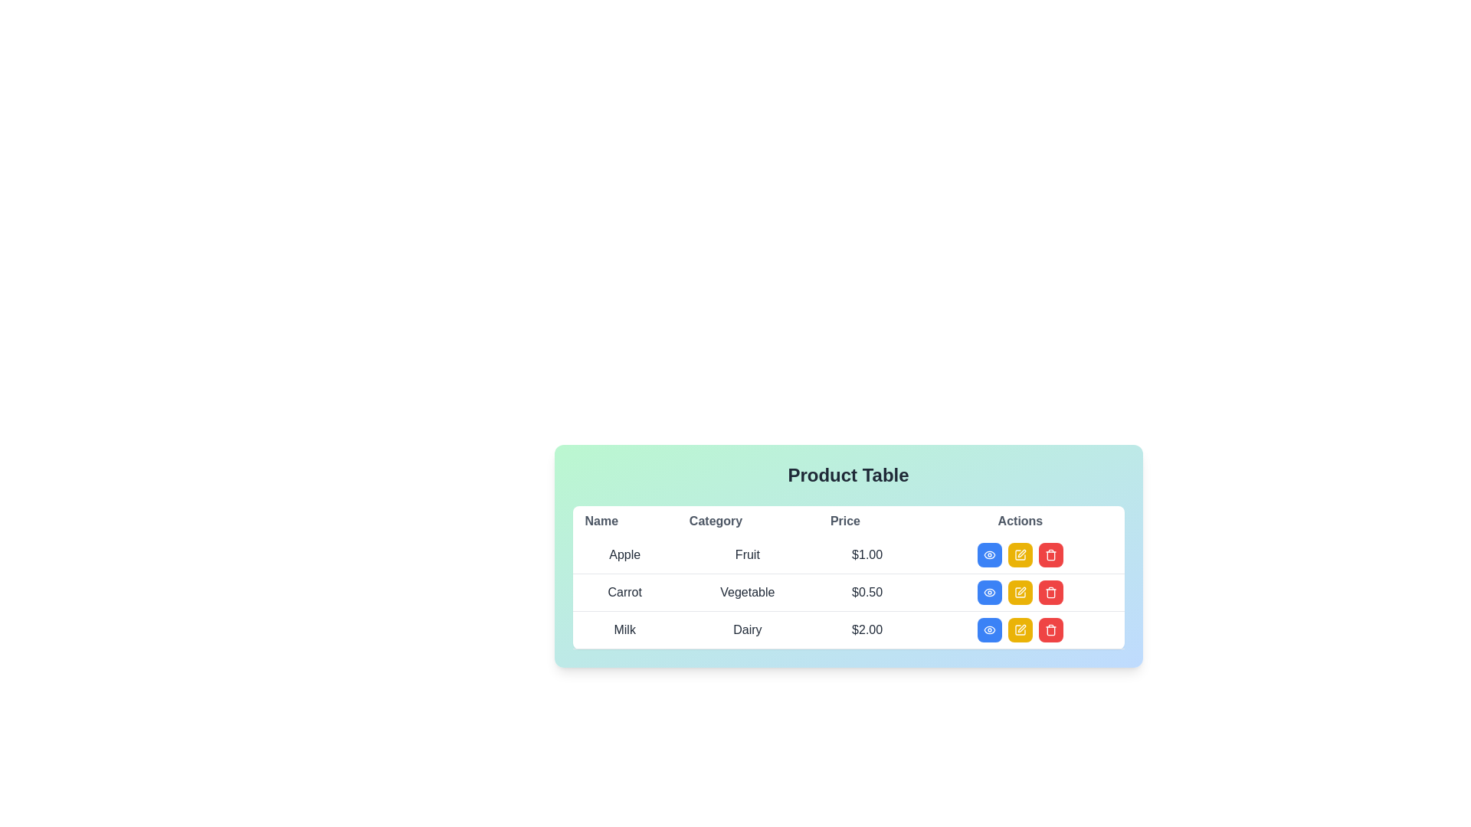  What do you see at coordinates (1050, 629) in the screenshot?
I see `the small red trash bin icon located inside the rounded rectangular button in the Actions column of the third row for the 'Milk' item in the Product Table` at bounding box center [1050, 629].